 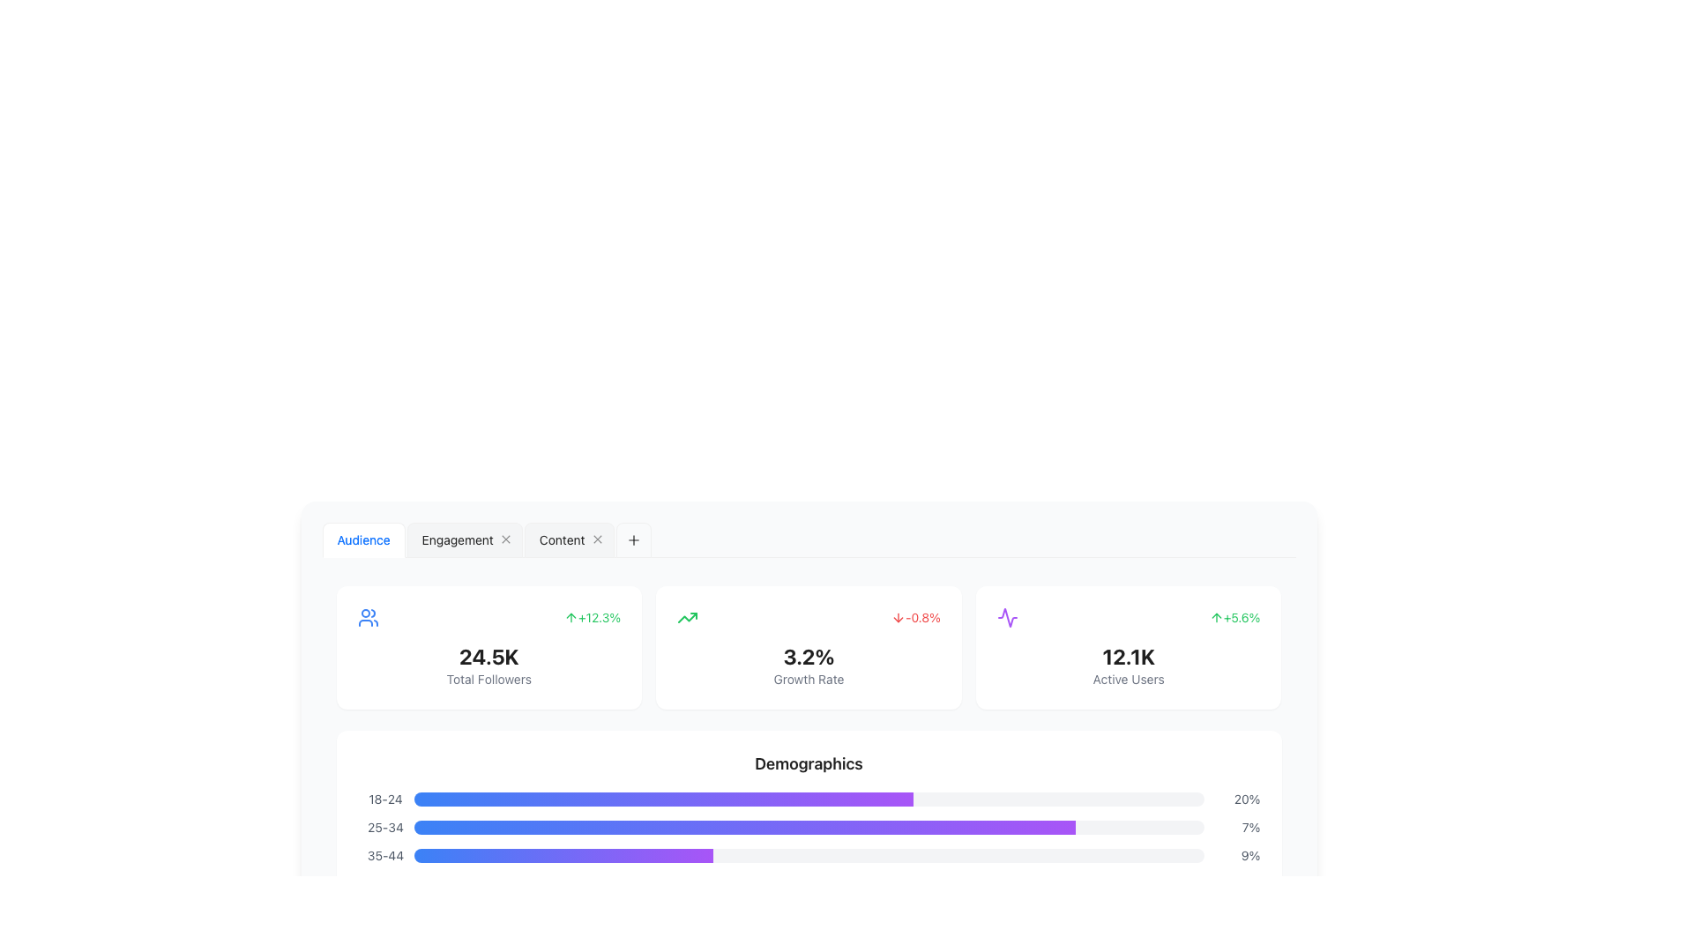 I want to click on the text label displaying '3.2%' which is prominently styled in bold and large font, located above the 'Growth Rate' text, so click(x=808, y=656).